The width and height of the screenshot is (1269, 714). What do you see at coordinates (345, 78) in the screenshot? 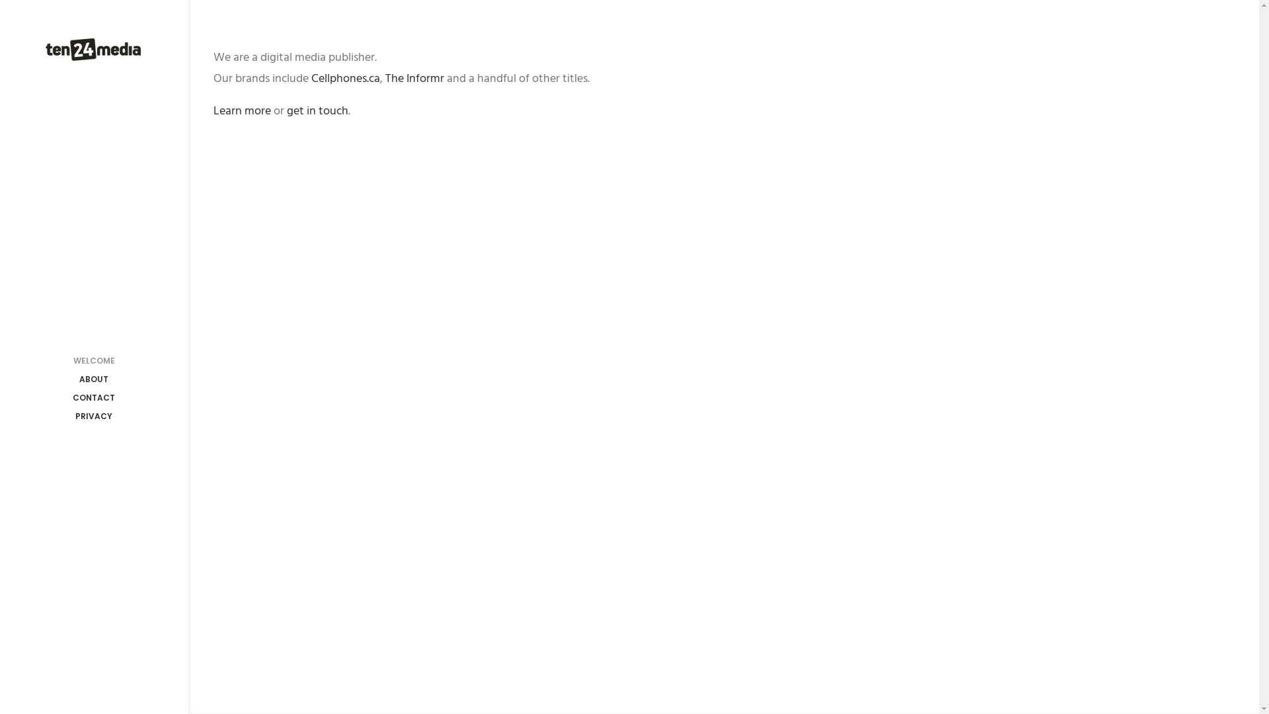
I see `'Cellphones.ca'` at bounding box center [345, 78].